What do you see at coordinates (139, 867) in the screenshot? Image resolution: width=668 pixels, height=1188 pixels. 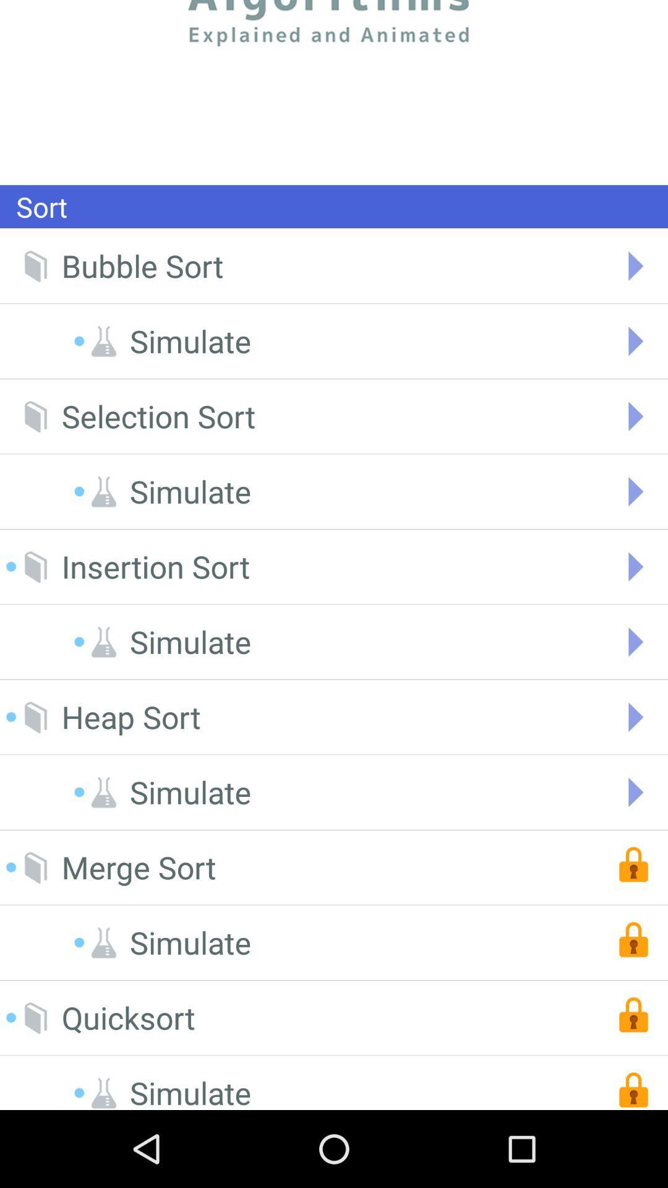 I see `the merge sort item` at bounding box center [139, 867].